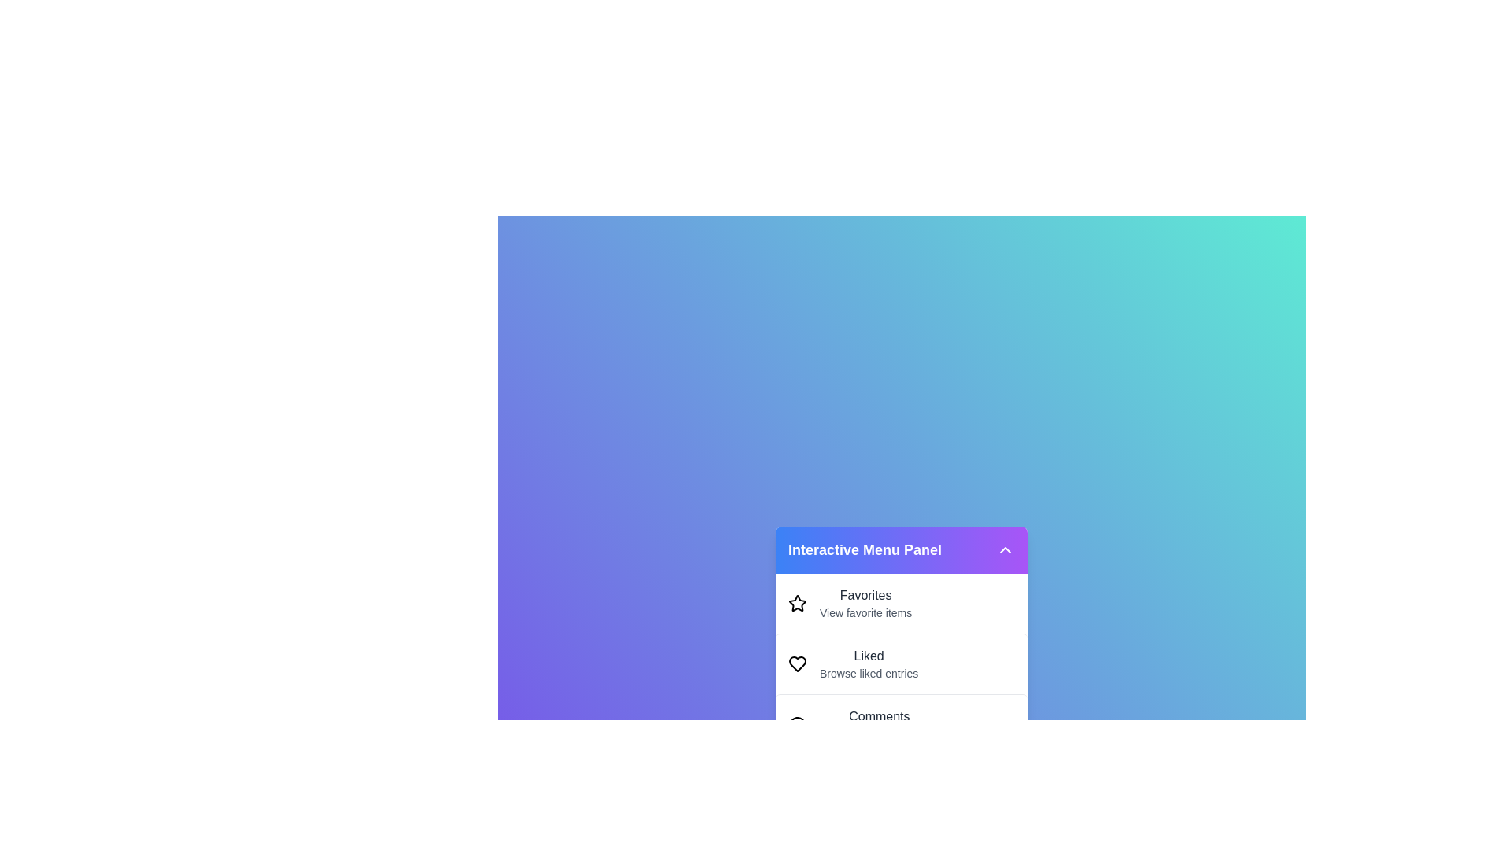 This screenshot has height=850, width=1512. I want to click on the descriptive text of the menu item Liked, so click(868, 656).